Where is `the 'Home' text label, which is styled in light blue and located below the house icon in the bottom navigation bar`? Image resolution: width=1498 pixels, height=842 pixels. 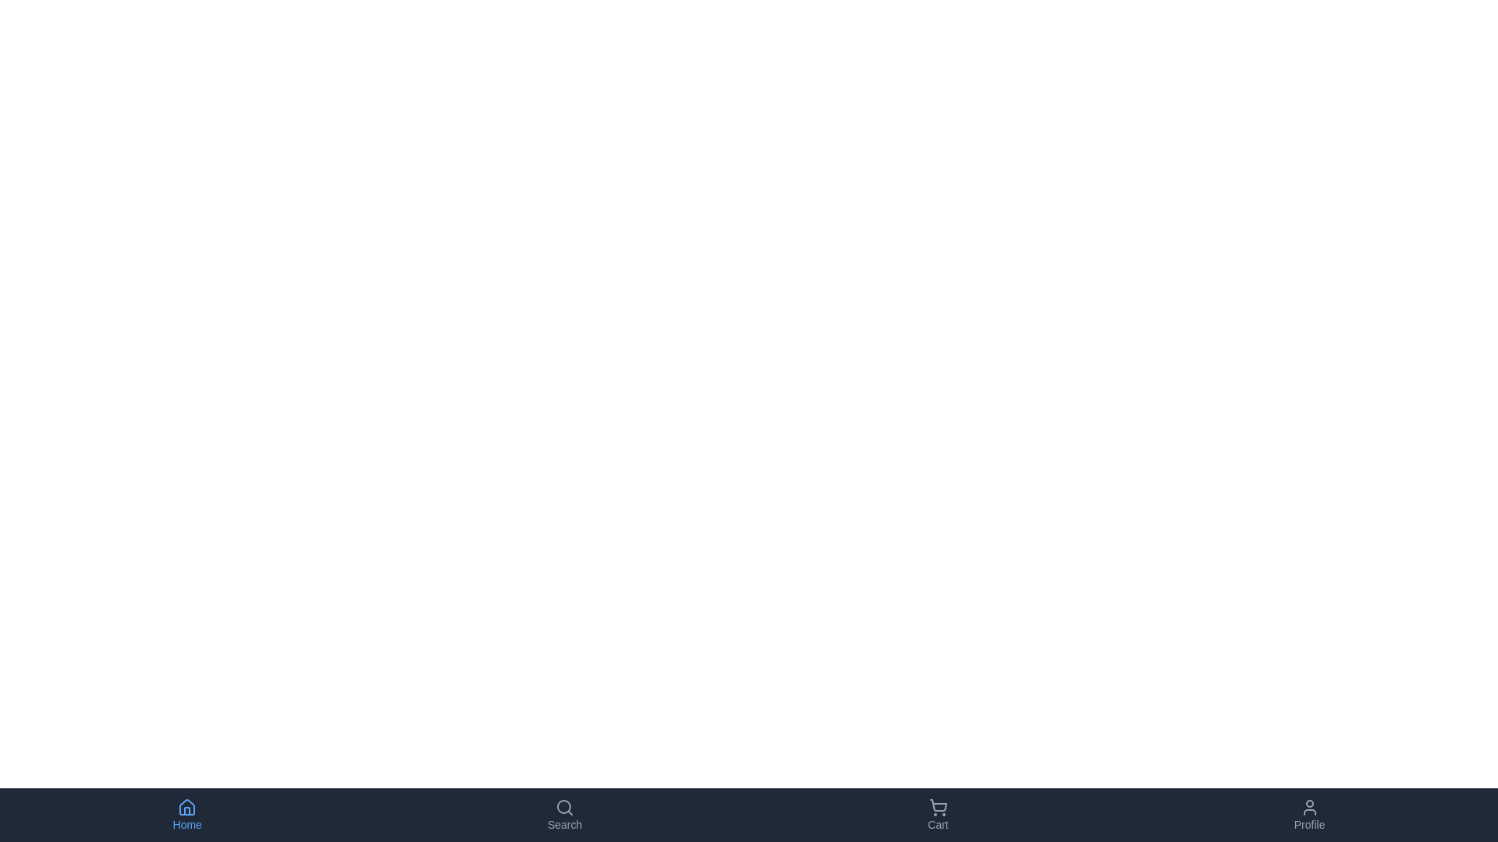 the 'Home' text label, which is styled in light blue and located below the house icon in the bottom navigation bar is located at coordinates (187, 823).